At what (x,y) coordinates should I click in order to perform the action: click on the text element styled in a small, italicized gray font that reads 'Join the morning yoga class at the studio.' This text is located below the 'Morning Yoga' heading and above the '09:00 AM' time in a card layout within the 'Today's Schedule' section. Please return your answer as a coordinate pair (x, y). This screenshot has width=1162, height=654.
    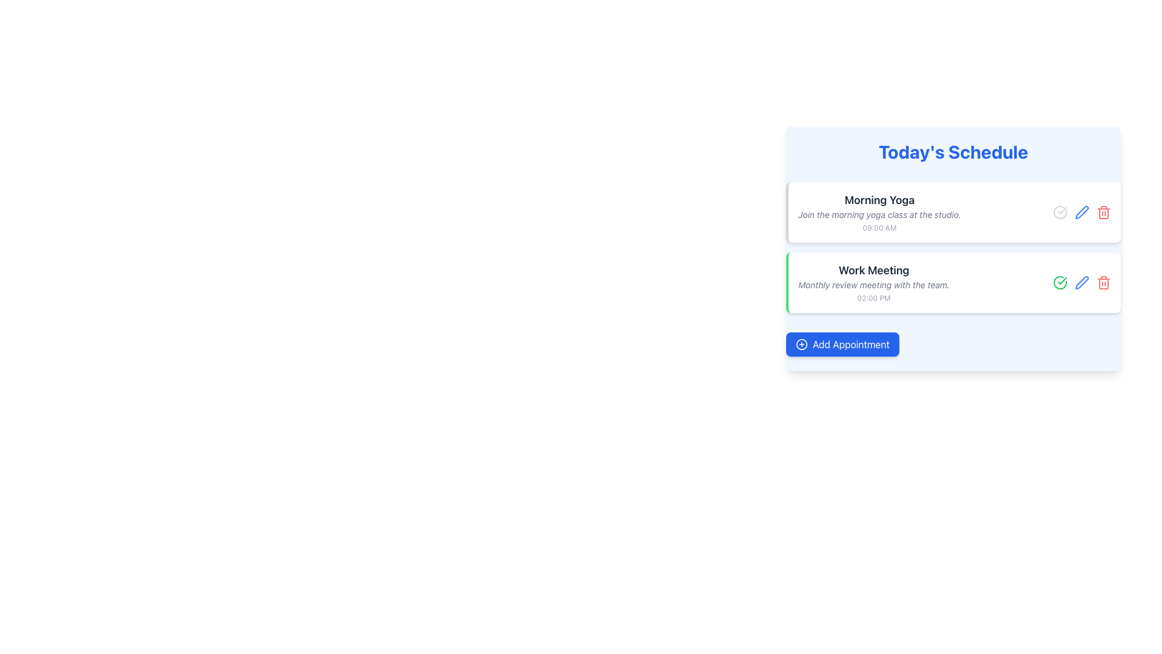
    Looking at the image, I should click on (879, 214).